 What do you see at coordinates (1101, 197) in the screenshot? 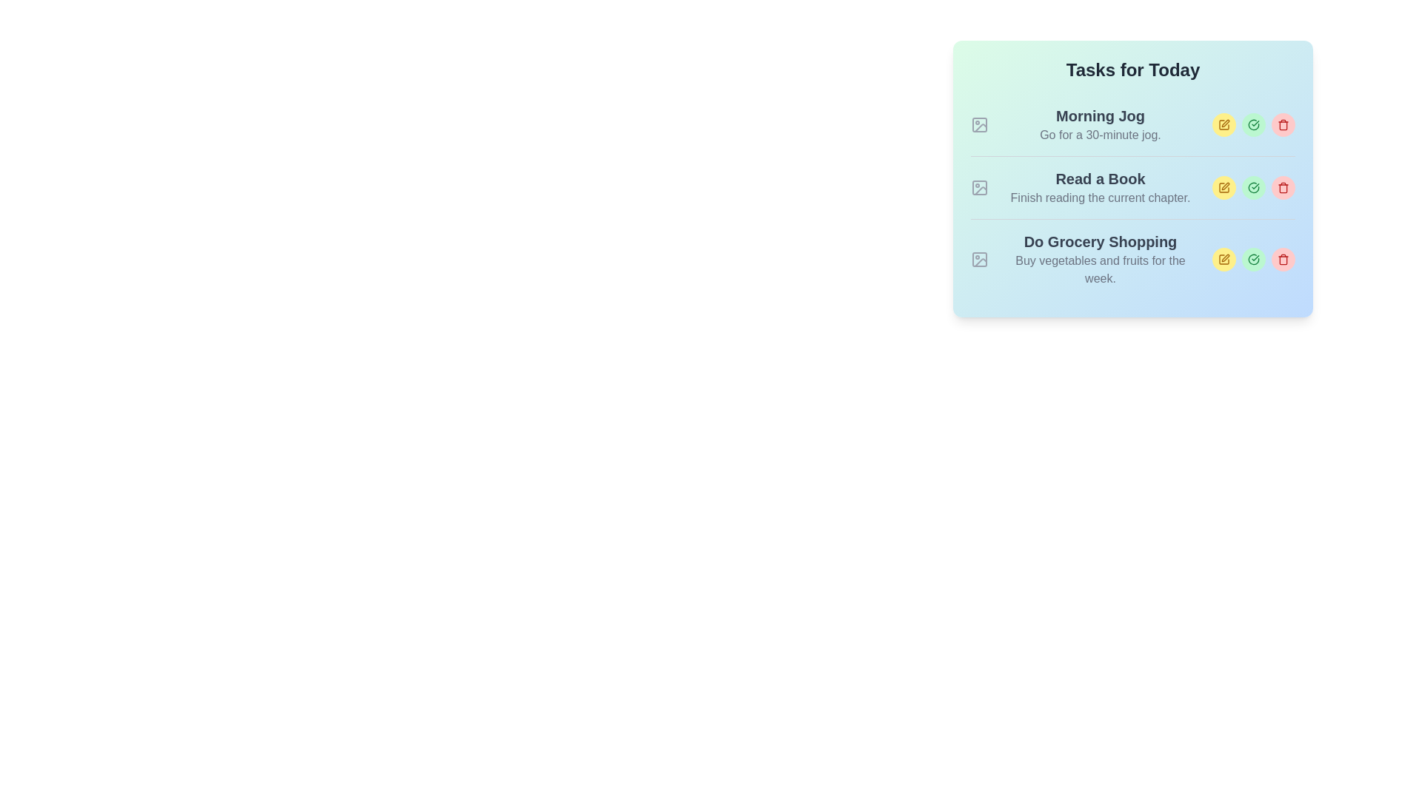
I see `the gray text element displaying 'Finish reading the current chapter.' located below the title 'Read a Book' in the 'Tasks for Today' section` at bounding box center [1101, 197].